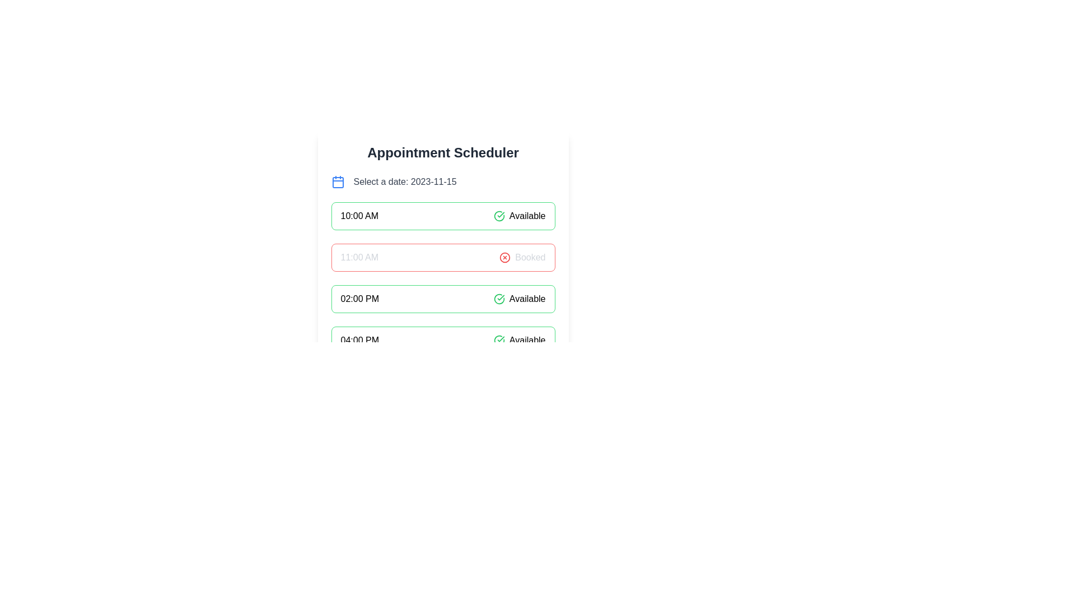 The width and height of the screenshot is (1075, 605). Describe the element at coordinates (442, 298) in the screenshot. I see `the available time slot positioned as the third item in a vertical list of four time slots for appointment selection` at that location.